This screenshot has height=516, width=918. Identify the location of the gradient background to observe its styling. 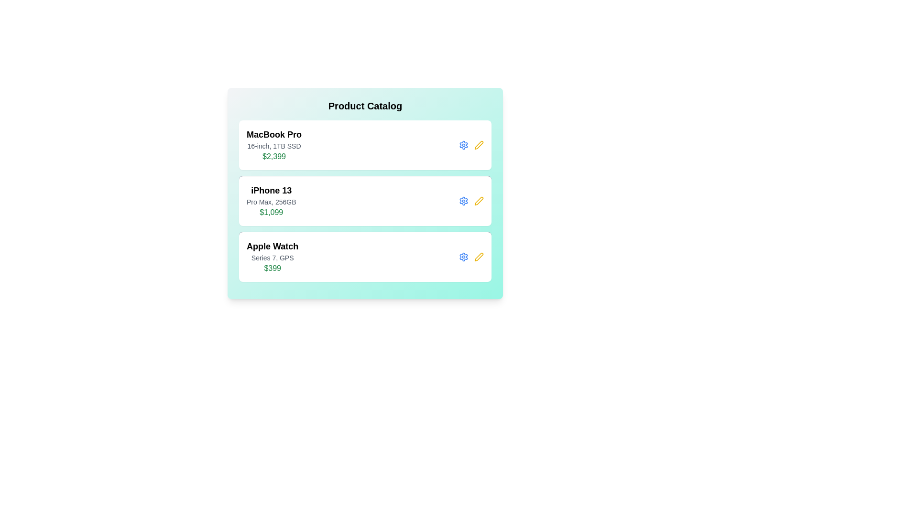
(364, 193).